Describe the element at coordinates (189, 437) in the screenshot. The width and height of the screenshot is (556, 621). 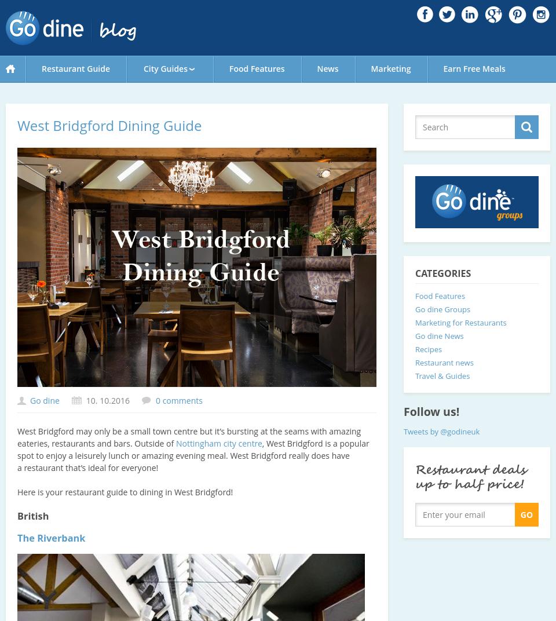
I see `'West Bridgford may only be a small town centre but it’s bursting at the seams with amazing eateries, restaurants and bars. Outside of'` at that location.